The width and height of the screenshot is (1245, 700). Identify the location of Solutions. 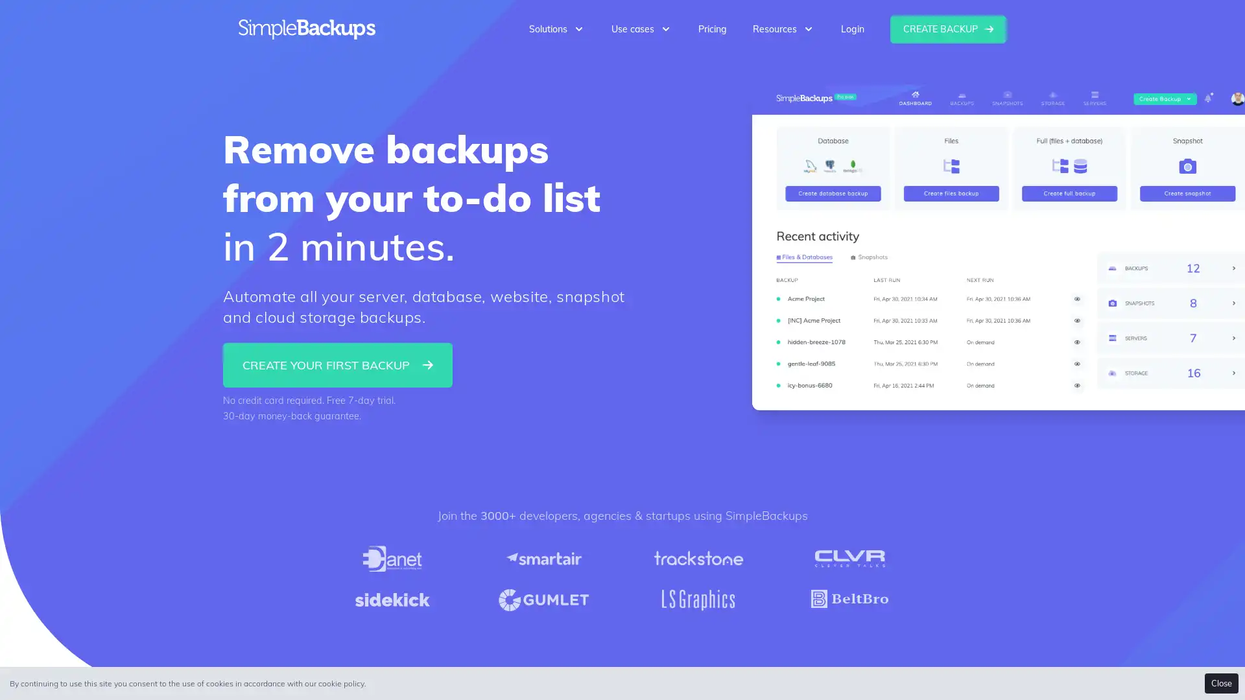
(557, 29).